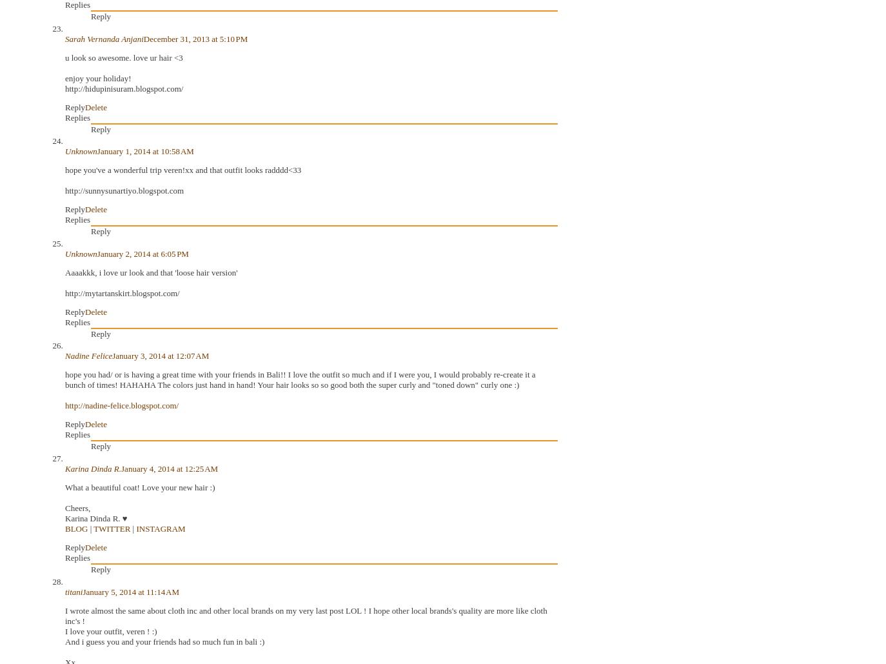 The image size is (886, 664). What do you see at coordinates (182, 169) in the screenshot?
I see `'hope you've a wonderful trip veren!xx and that outfit looks radddd<33'` at bounding box center [182, 169].